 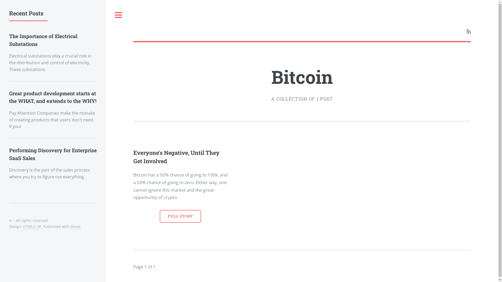 What do you see at coordinates (53, 154) in the screenshot?
I see `'Performing Discovery for Enterprise SaaS Sales'` at bounding box center [53, 154].